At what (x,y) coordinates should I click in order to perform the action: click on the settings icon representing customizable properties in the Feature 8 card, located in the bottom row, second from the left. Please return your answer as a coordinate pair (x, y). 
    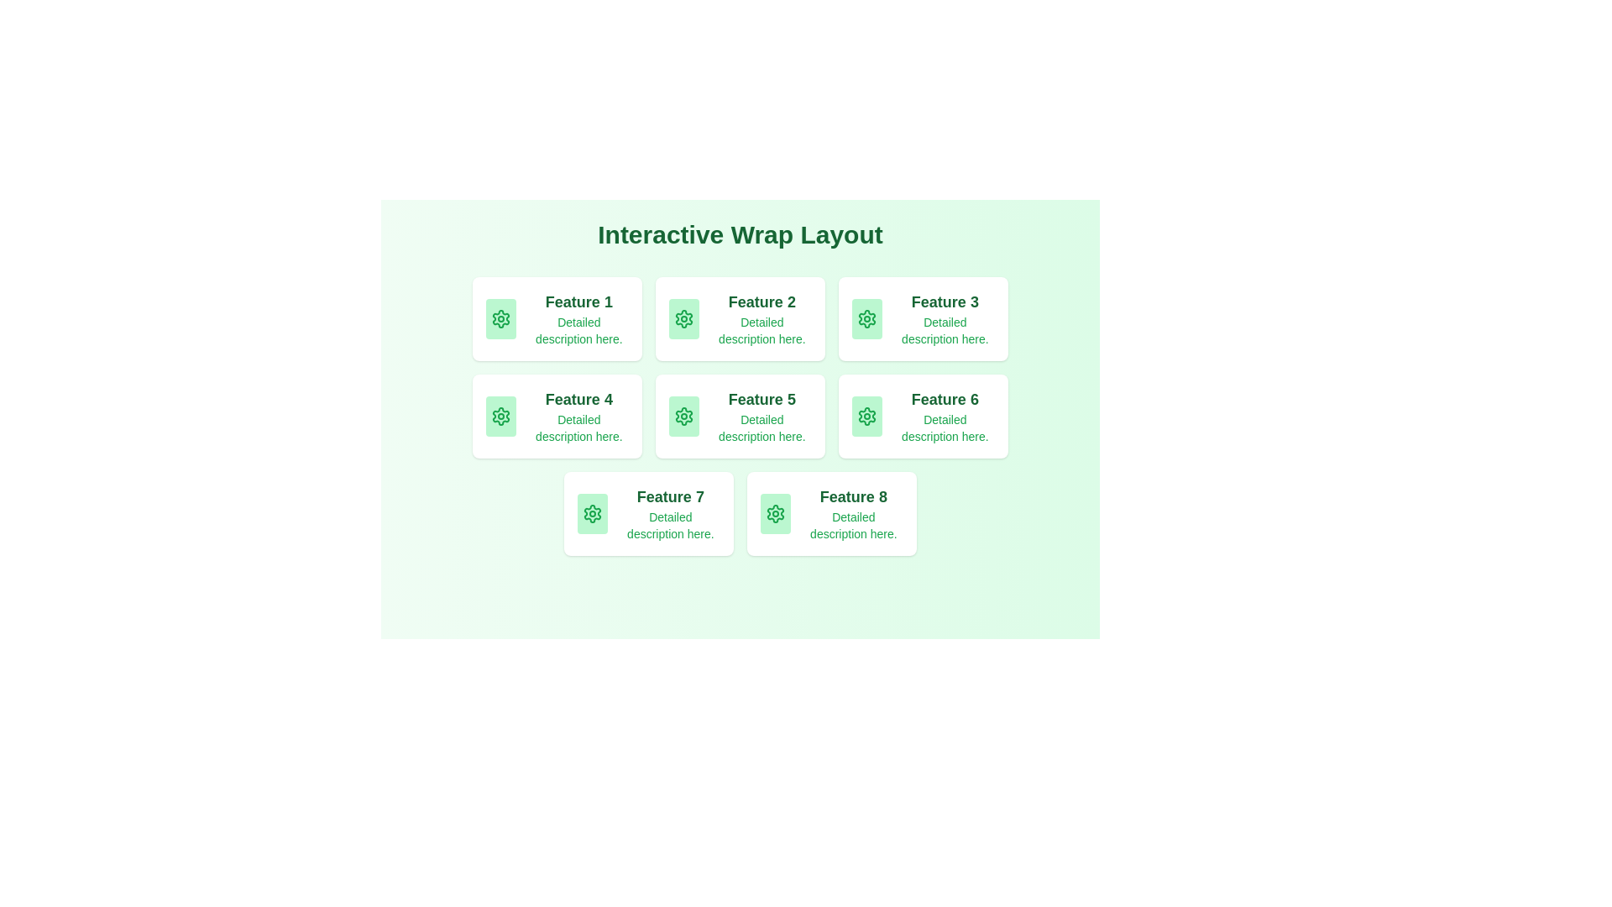
    Looking at the image, I should click on (774, 513).